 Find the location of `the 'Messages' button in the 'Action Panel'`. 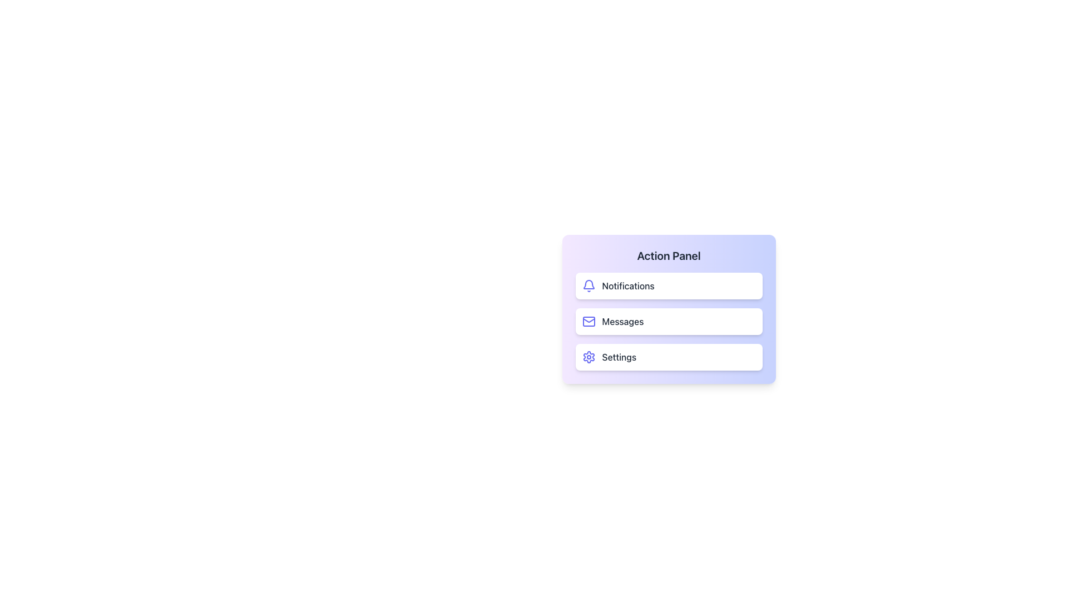

the 'Messages' button in the 'Action Panel' is located at coordinates (668, 309).